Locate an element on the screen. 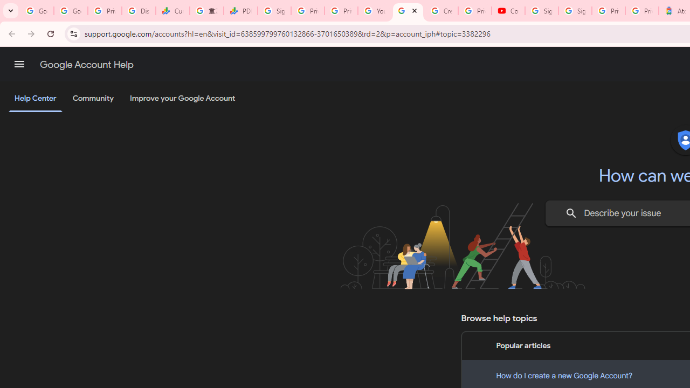  'PDD Holdings Inc - ADR (PDD) Price & News - Google Finance' is located at coordinates (240, 11).